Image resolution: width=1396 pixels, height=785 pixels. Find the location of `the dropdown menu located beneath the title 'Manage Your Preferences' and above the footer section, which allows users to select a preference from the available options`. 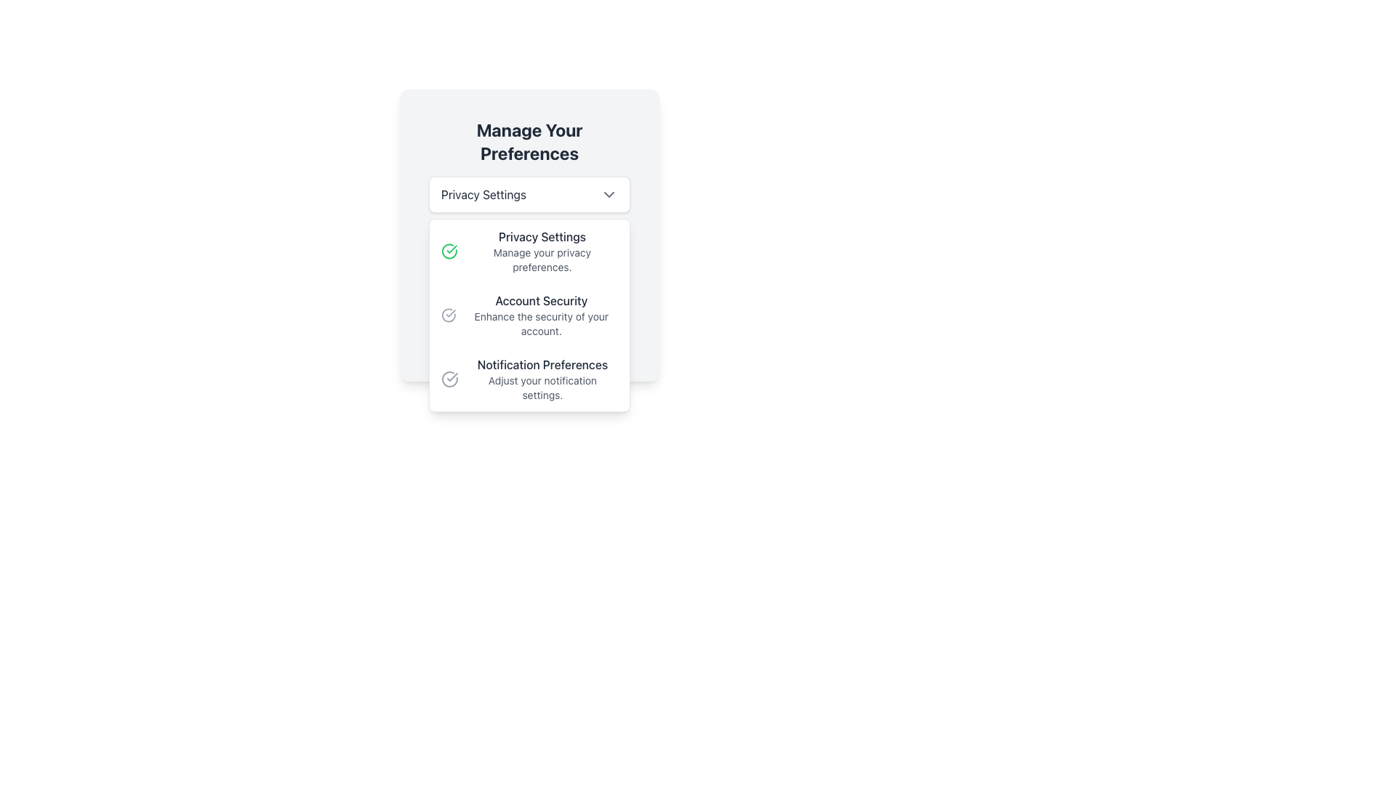

the dropdown menu located beneath the title 'Manage Your Preferences' and above the footer section, which allows users to select a preference from the available options is located at coordinates (529, 235).